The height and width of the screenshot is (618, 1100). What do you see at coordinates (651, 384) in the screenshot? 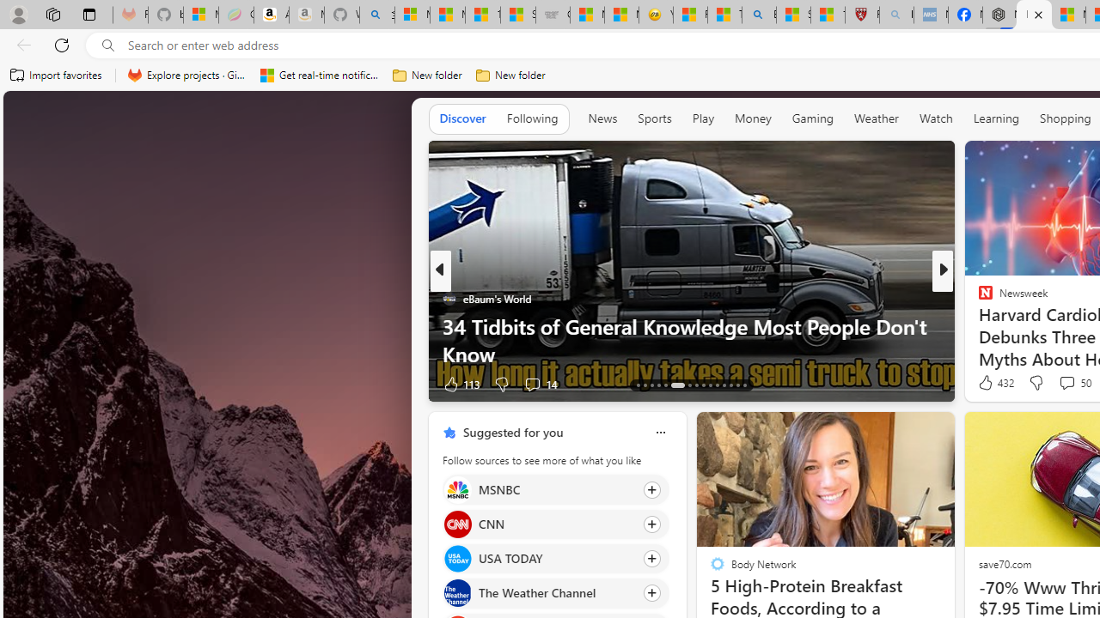
I see `'AutomationID: tab-68'` at bounding box center [651, 384].